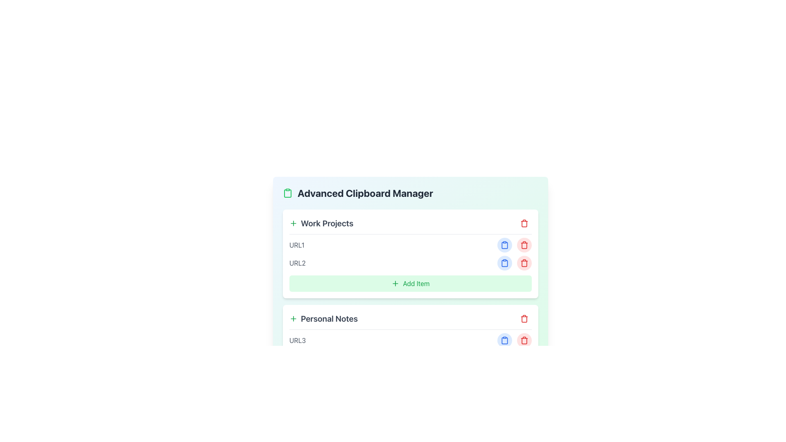 The width and height of the screenshot is (786, 442). I want to click on the 'Copy' icon located in a circular button, so click(504, 244).